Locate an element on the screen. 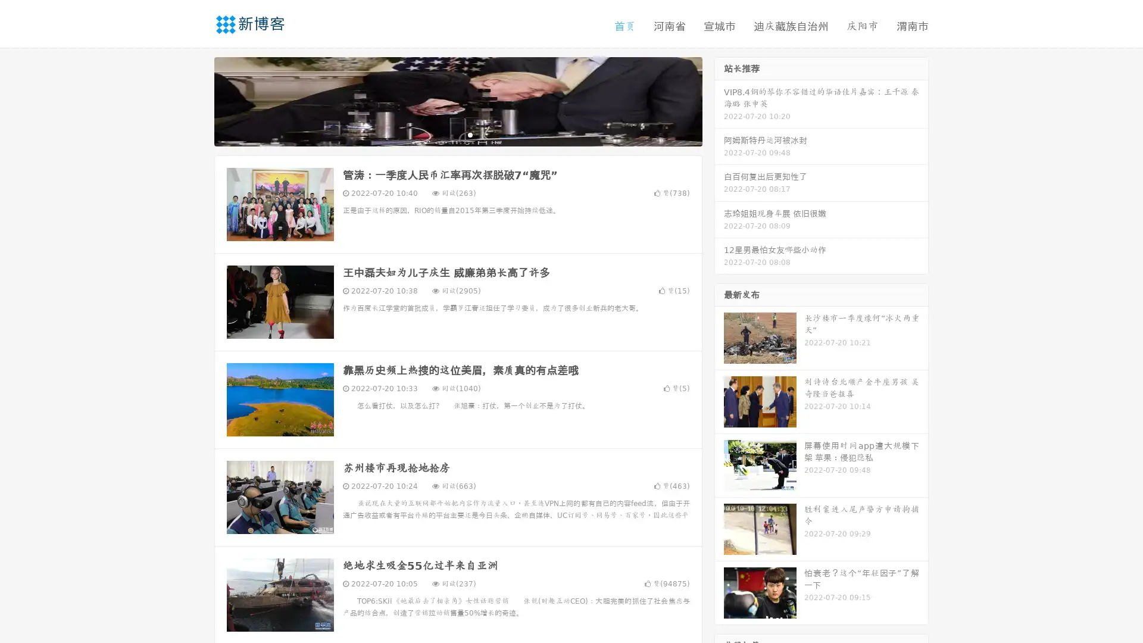  Next slide is located at coordinates (719, 100).